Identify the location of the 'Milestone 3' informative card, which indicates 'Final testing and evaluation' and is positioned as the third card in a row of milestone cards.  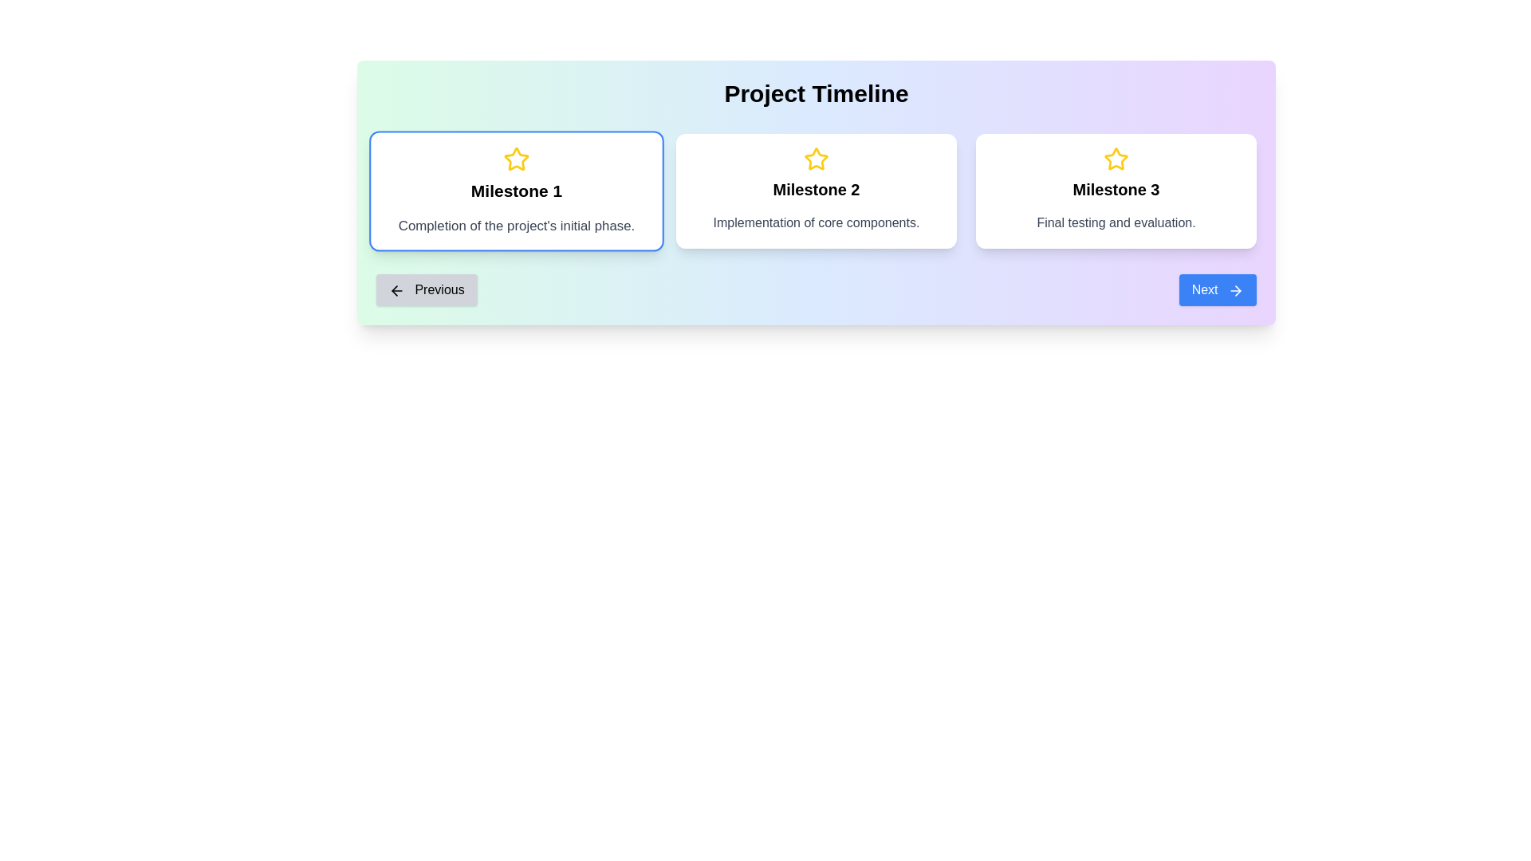
(1116, 190).